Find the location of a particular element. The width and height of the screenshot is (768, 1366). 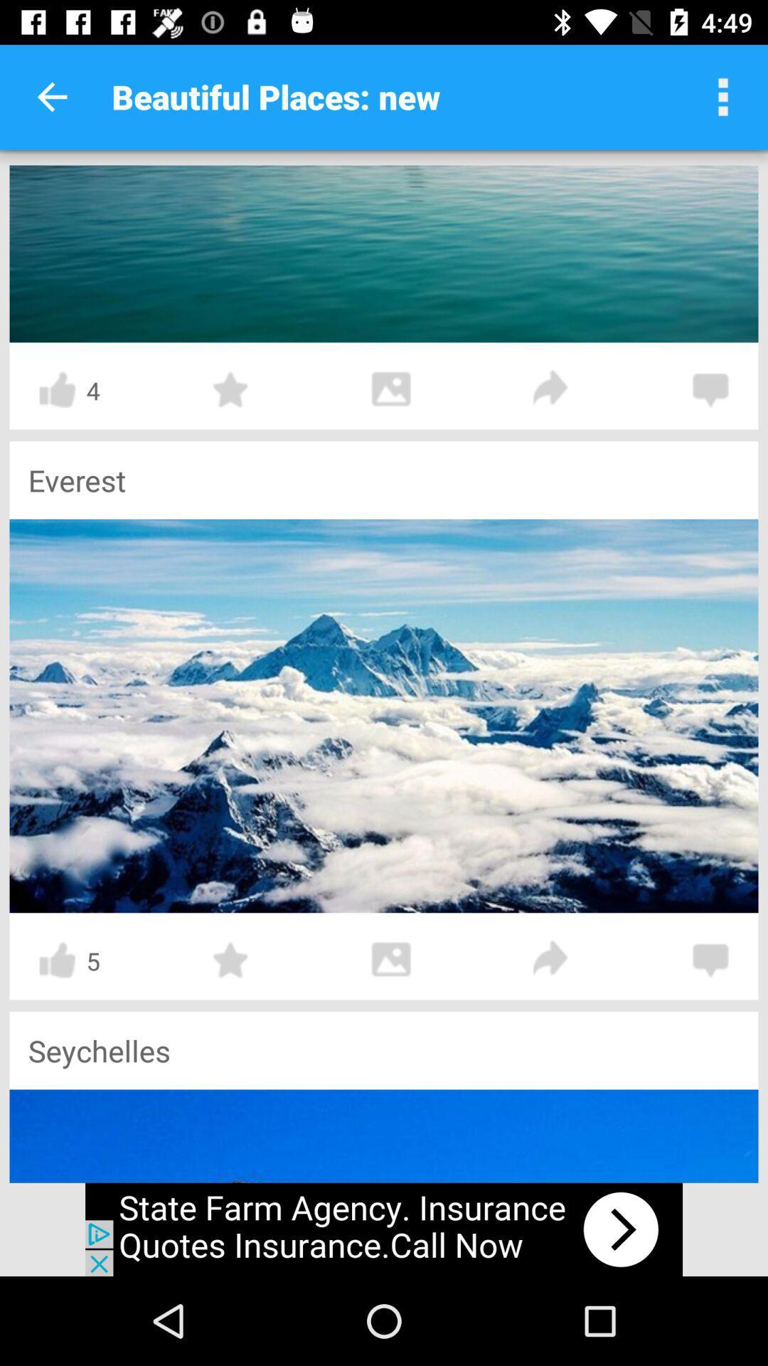

like is located at coordinates (56, 390).